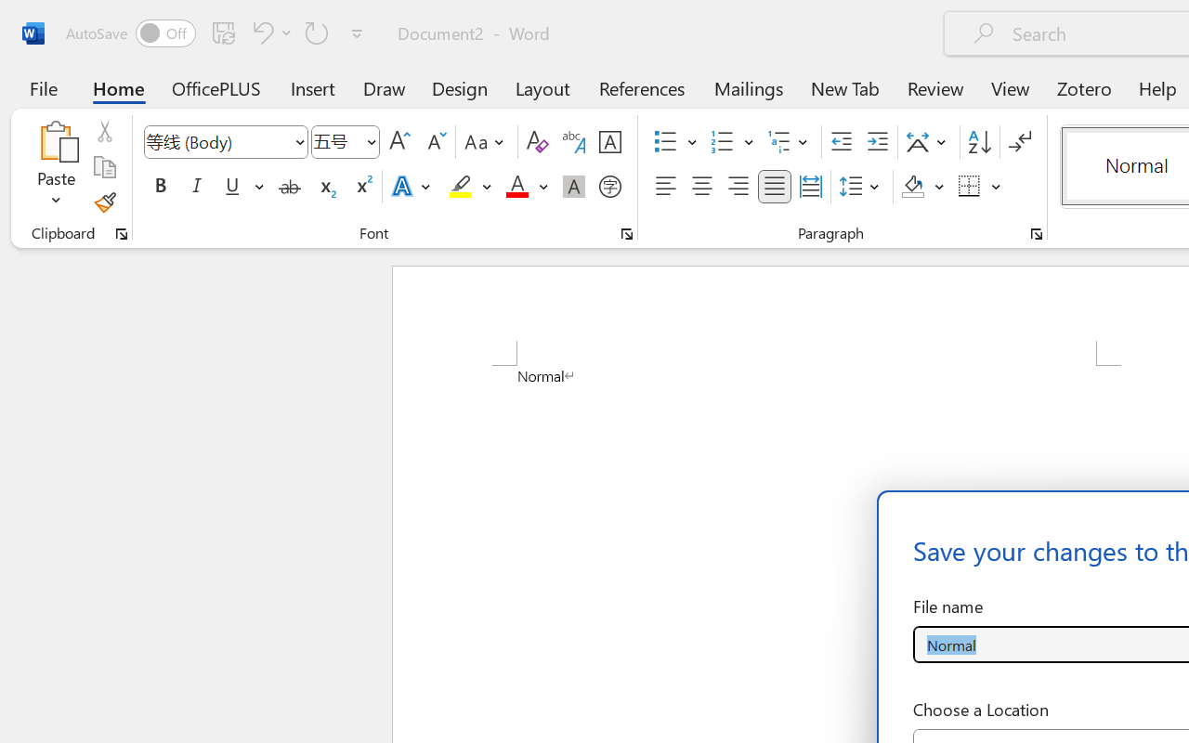 Image resolution: width=1189 pixels, height=743 pixels. What do you see at coordinates (665, 187) in the screenshot?
I see `'Align Left'` at bounding box center [665, 187].